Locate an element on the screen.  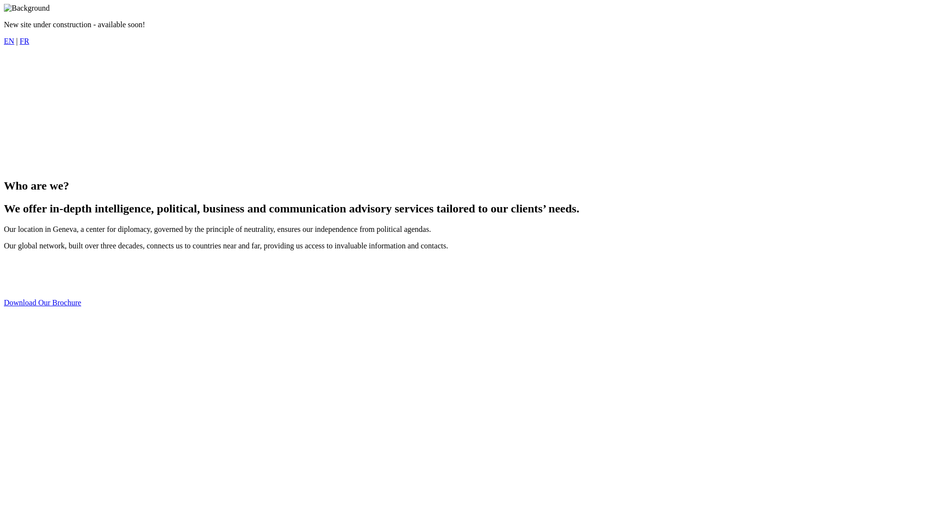
'FR' is located at coordinates (20, 40).